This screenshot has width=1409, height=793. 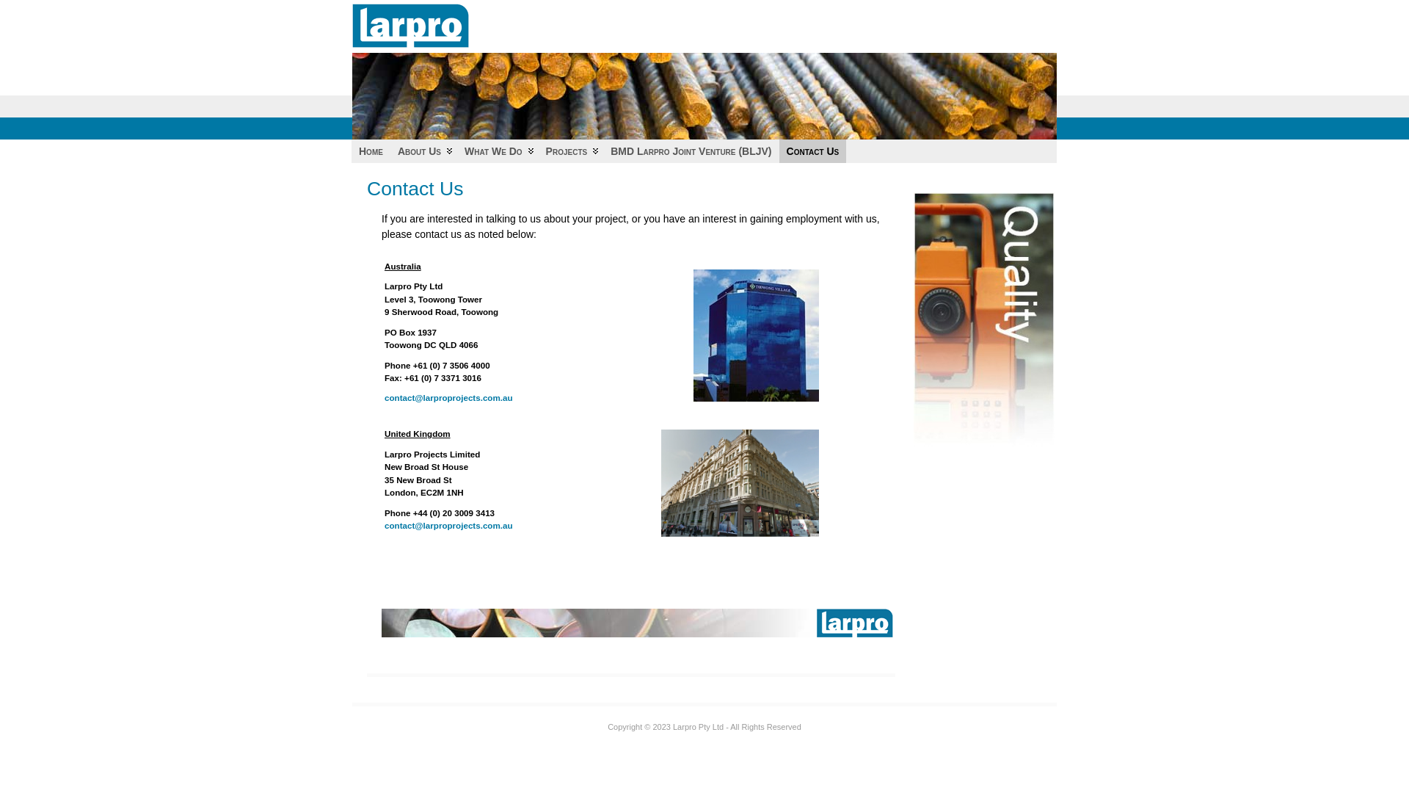 What do you see at coordinates (423, 151) in the screenshot?
I see `'About Us'` at bounding box center [423, 151].